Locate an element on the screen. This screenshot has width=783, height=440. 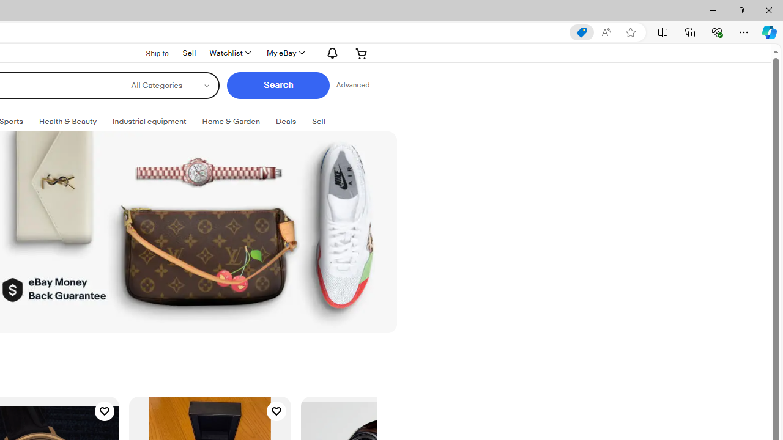
'AutomationID: gh-minicart-hover' is located at coordinates (361, 52).